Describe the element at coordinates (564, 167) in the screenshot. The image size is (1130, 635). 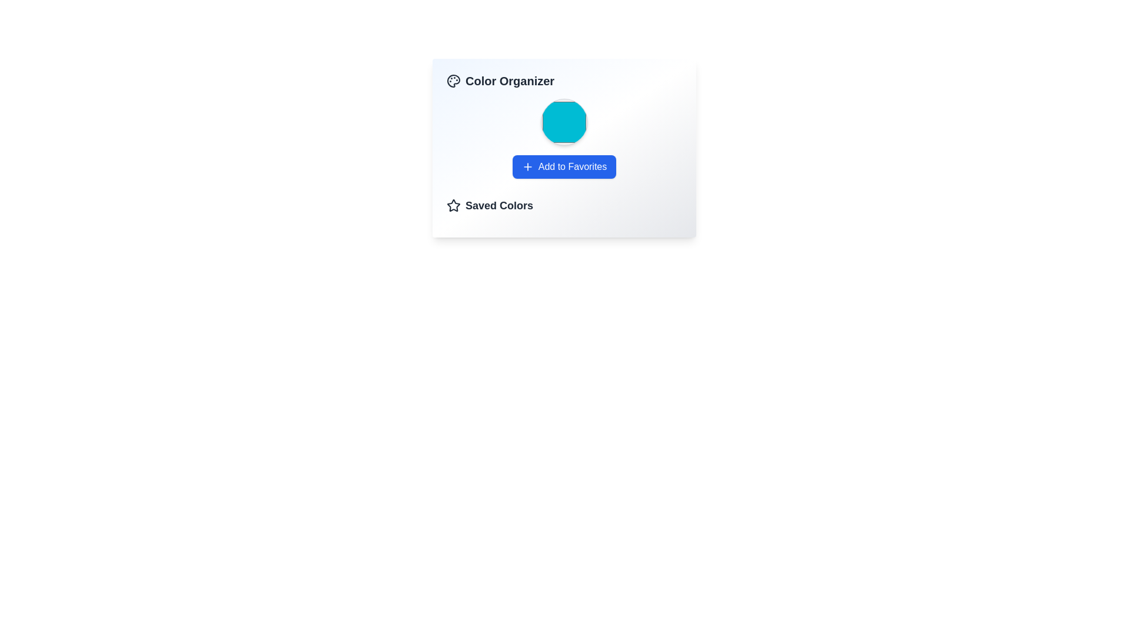
I see `the 'Add to Favorites' button, which has a blue background and white text` at that location.